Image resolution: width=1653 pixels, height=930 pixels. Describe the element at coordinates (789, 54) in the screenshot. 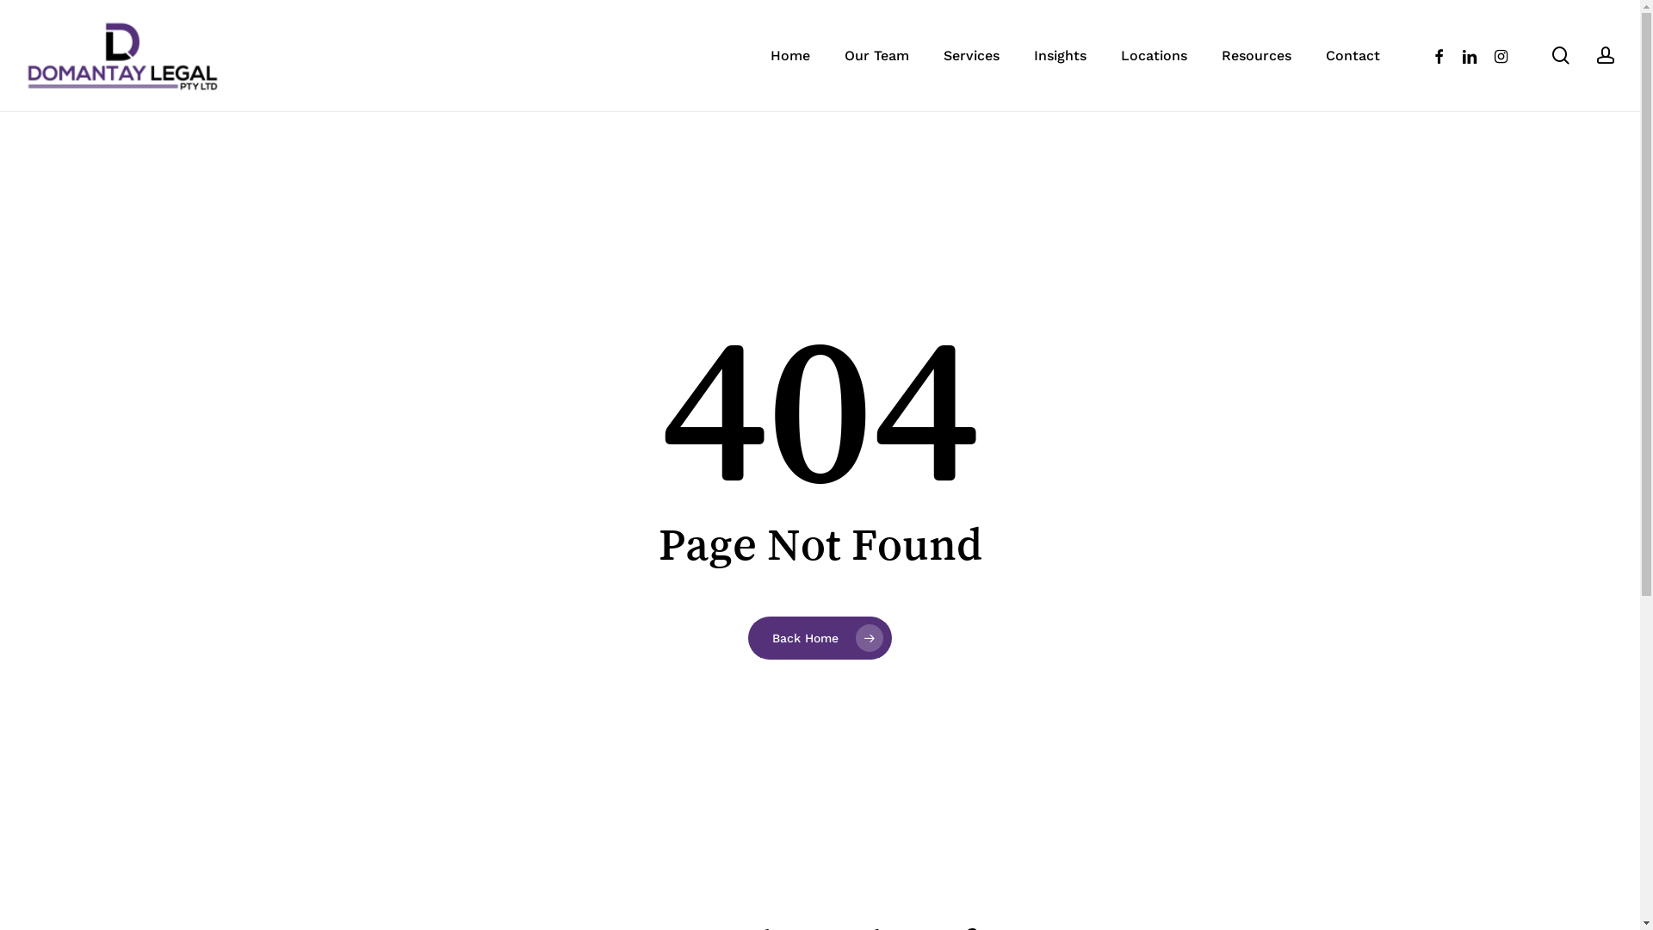

I see `'Home'` at that location.